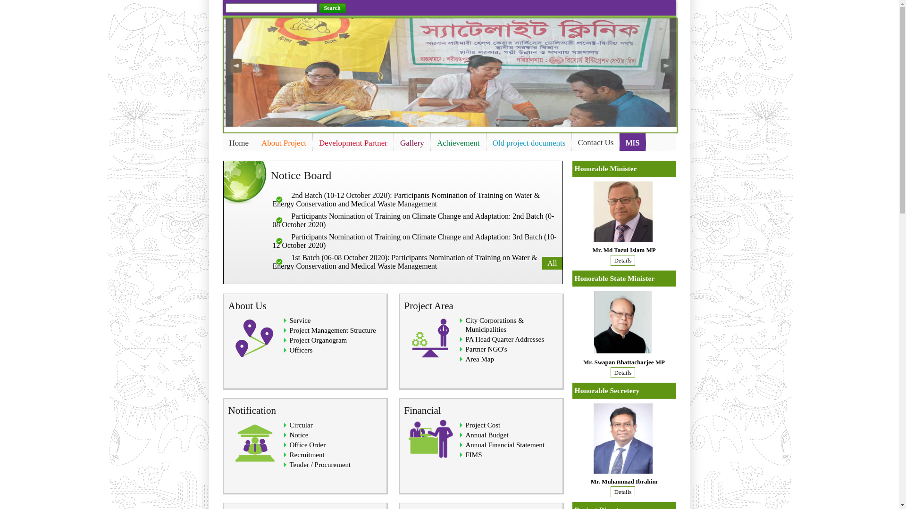 Image resolution: width=906 pixels, height=509 pixels. Describe the element at coordinates (289, 454) in the screenshot. I see `'Recruitment'` at that location.